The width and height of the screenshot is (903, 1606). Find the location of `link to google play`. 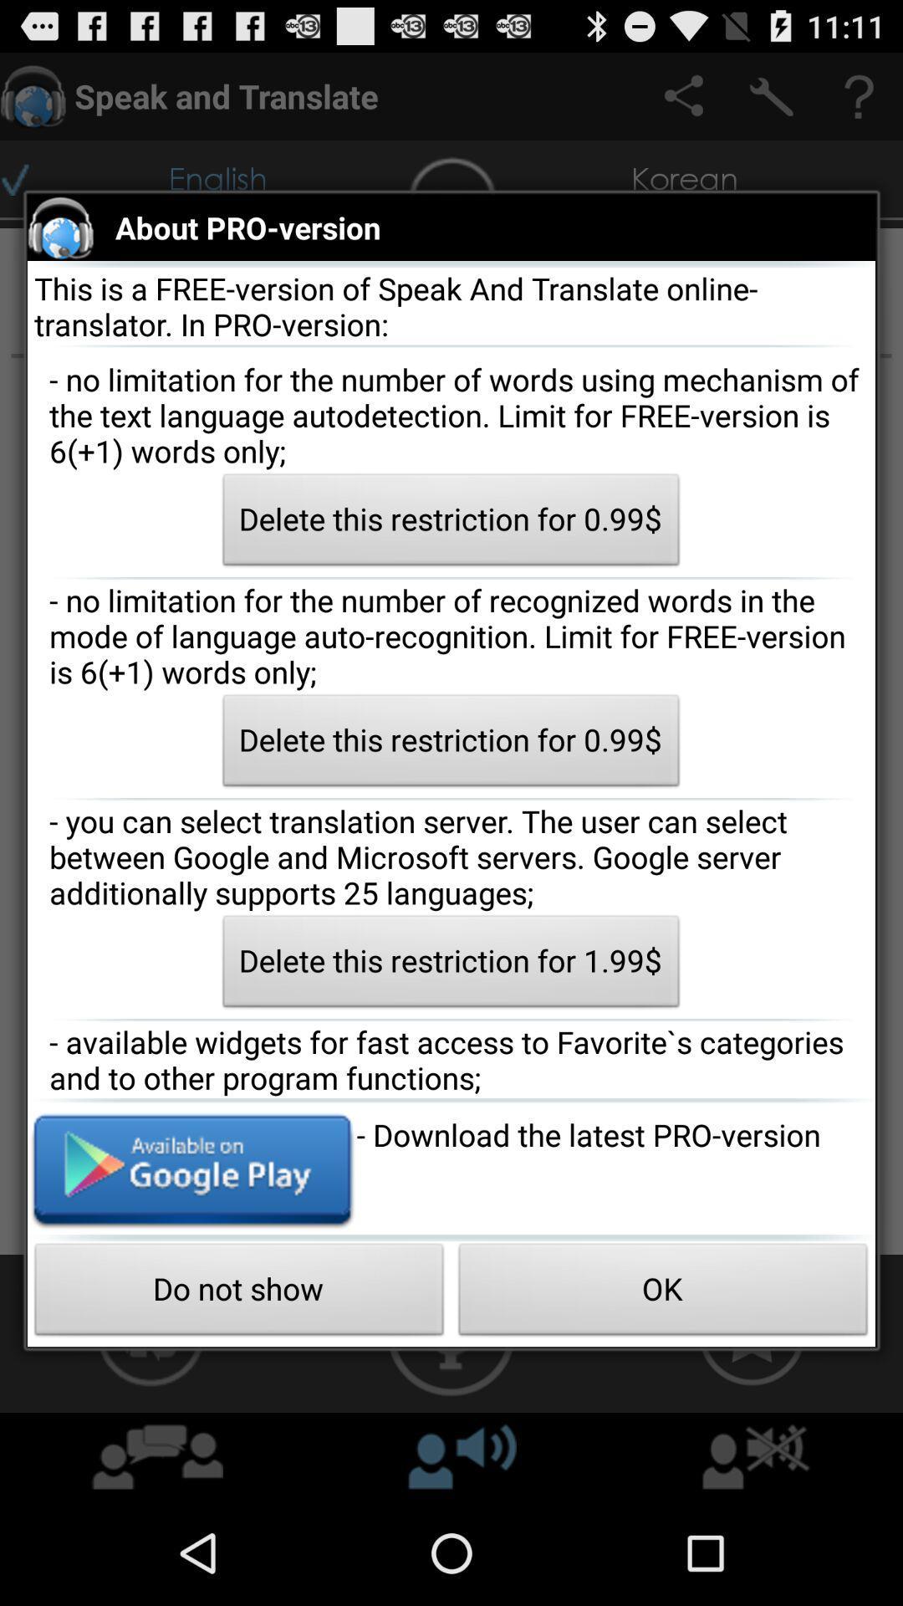

link to google play is located at coordinates (191, 1168).